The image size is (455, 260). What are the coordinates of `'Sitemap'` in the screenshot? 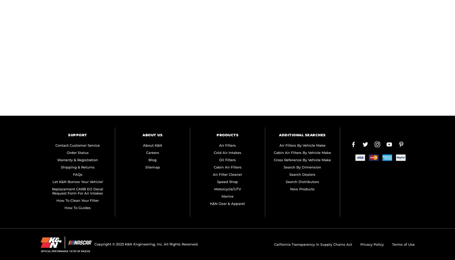 It's located at (152, 167).